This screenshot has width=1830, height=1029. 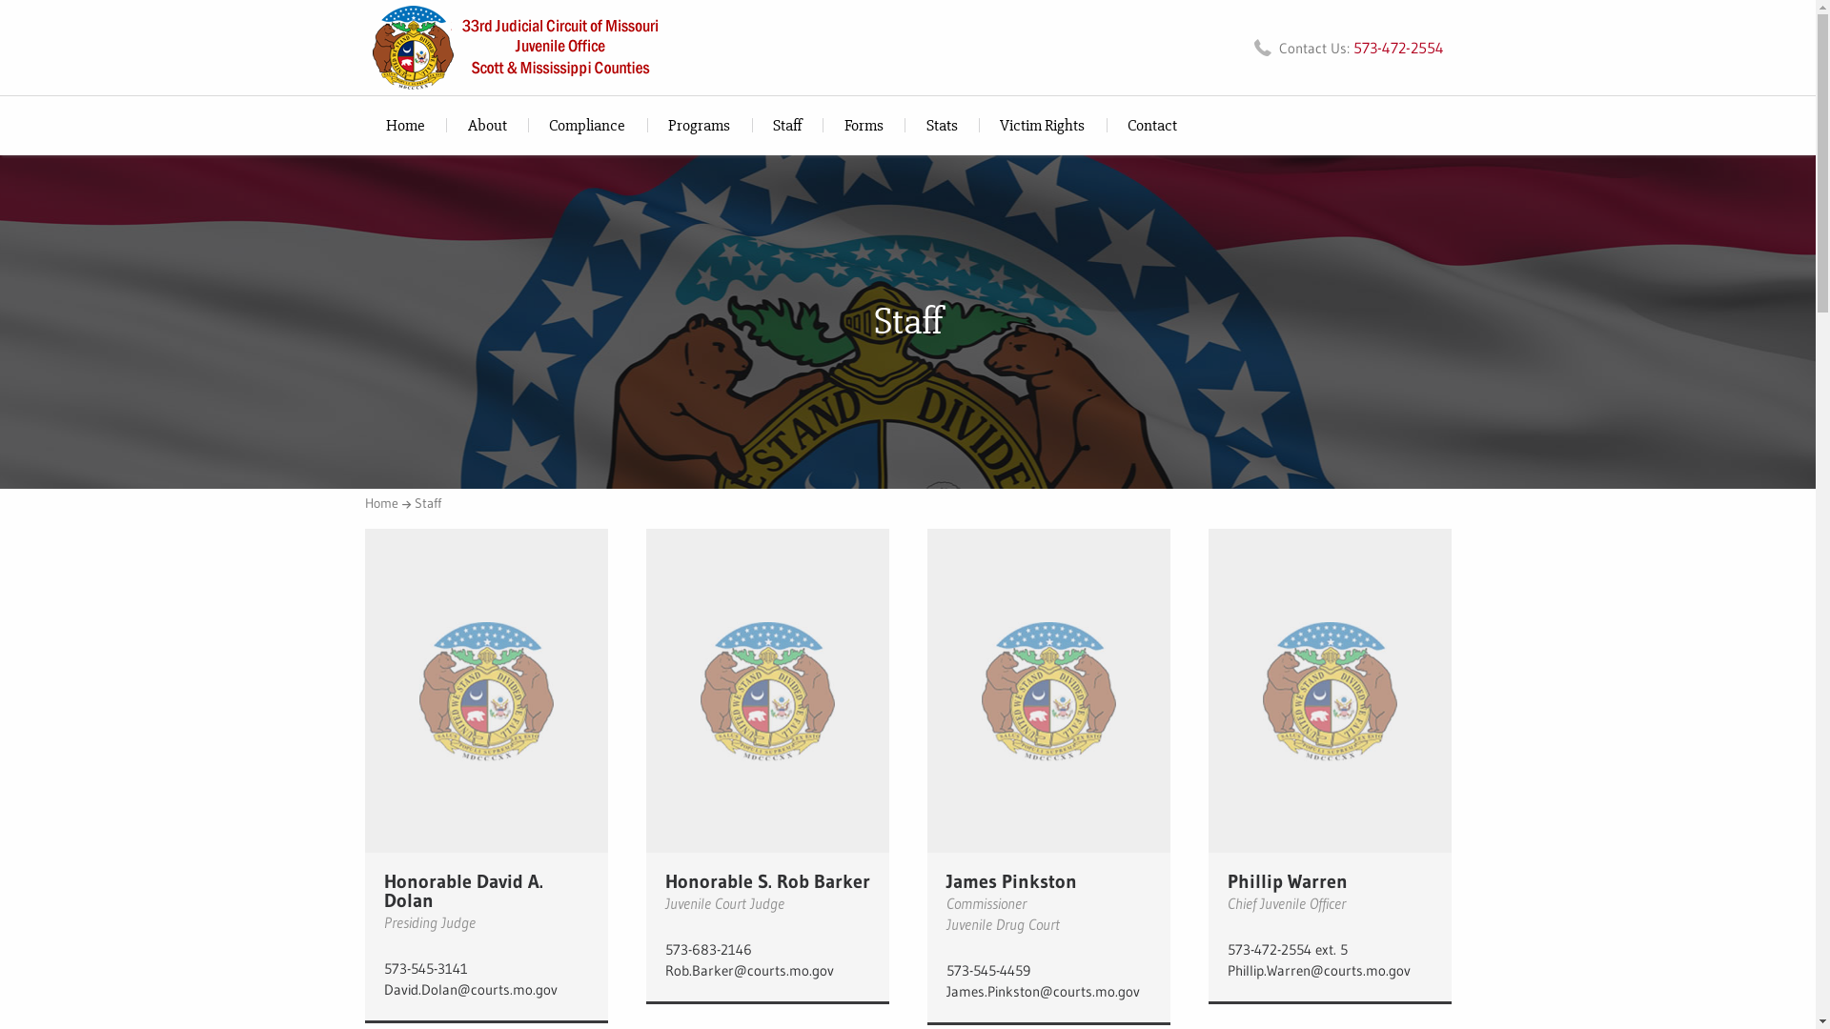 I want to click on 'James.Pinkston@courts.mo.gov', so click(x=1047, y=991).